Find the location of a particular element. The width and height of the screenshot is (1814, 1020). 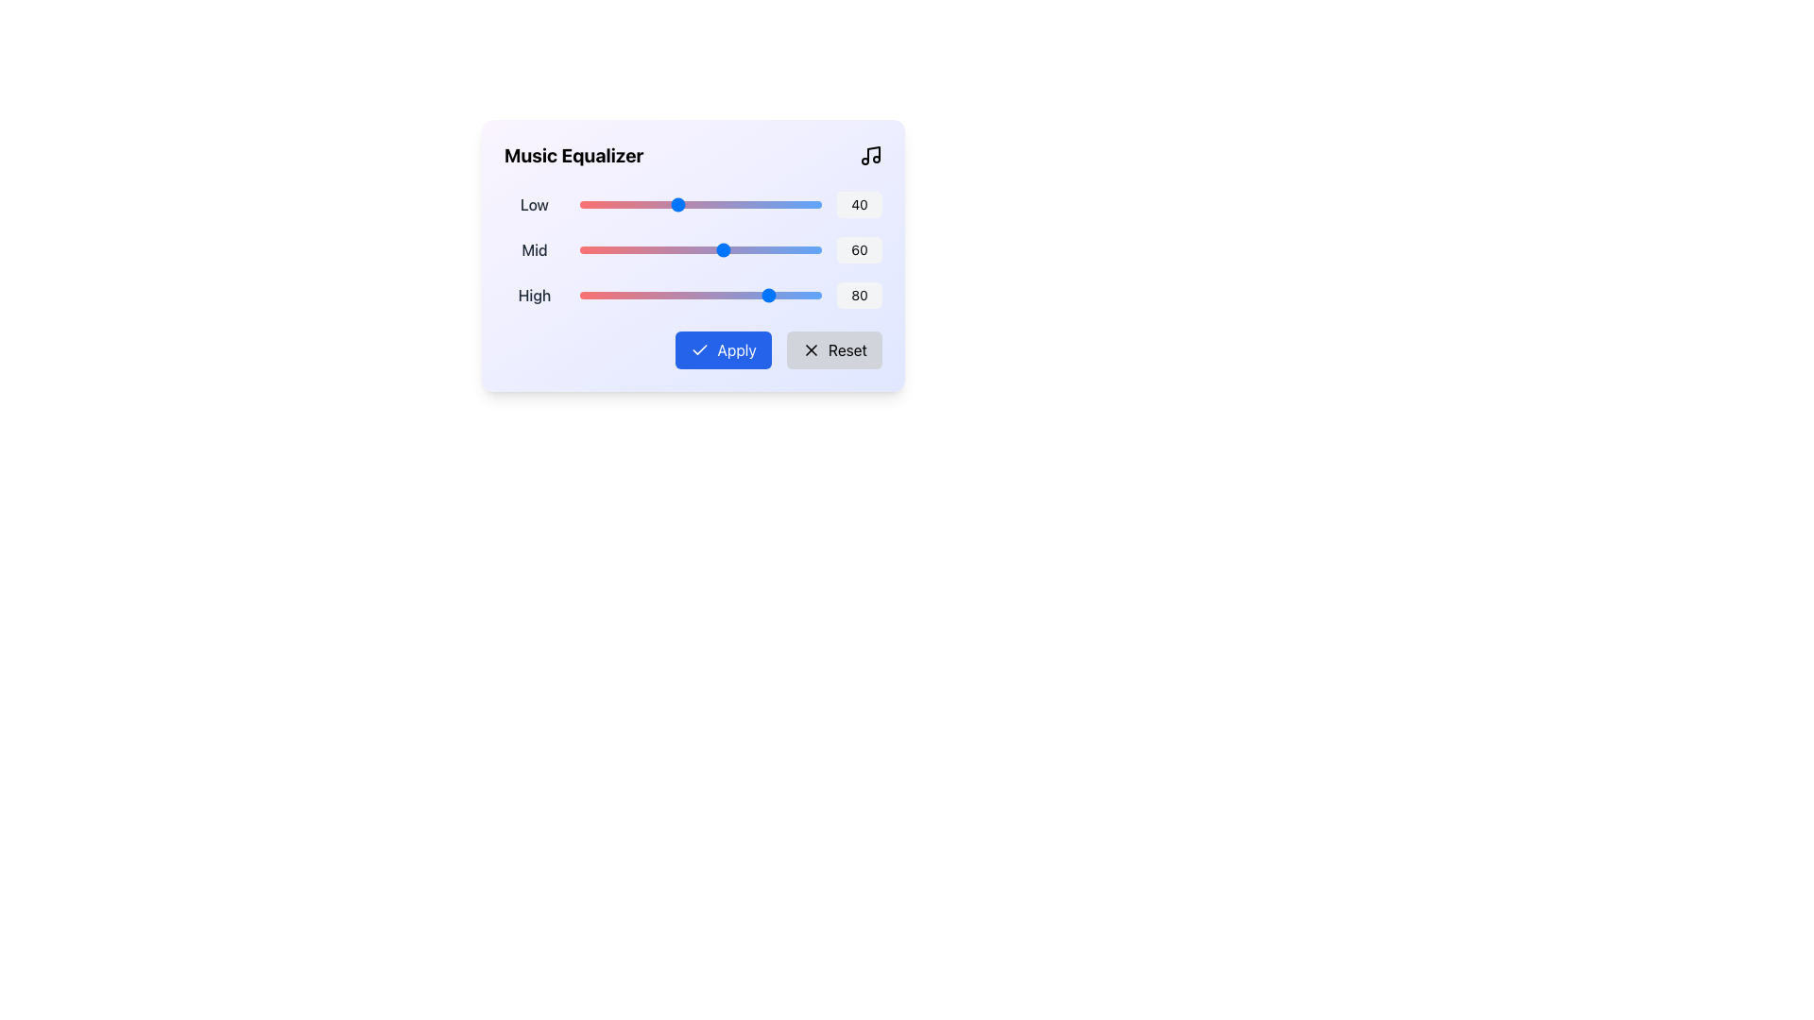

and drag the central range slider, which is visually styled with a gradient from red to blue, to adjust its value is located at coordinates (700, 295).